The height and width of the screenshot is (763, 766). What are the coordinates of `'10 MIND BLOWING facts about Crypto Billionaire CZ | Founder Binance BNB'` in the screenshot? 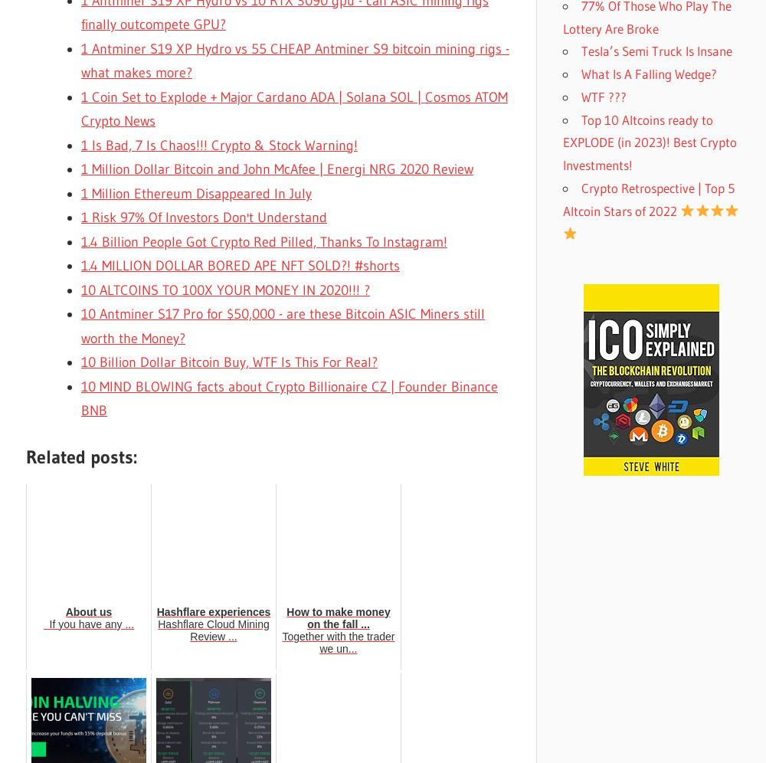 It's located at (290, 398).